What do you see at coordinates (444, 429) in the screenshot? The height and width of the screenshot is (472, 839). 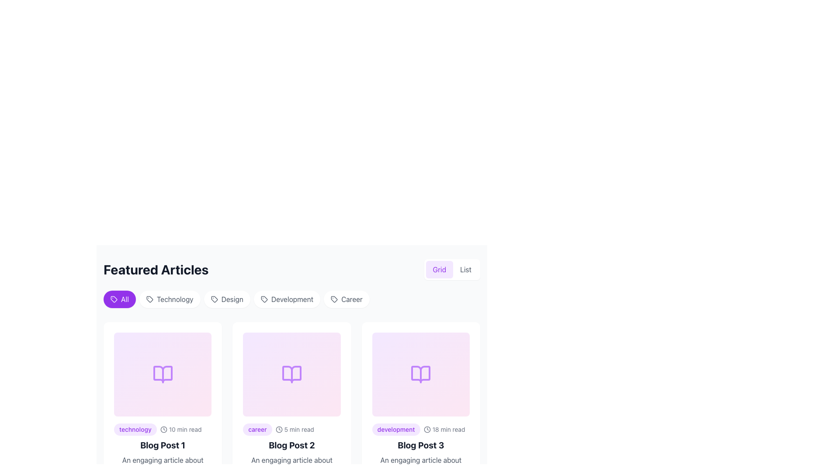 I see `the estimated reading time indicator located at the bottom of the third card in the 'Featured Articles' section, next to the 'development' tag` at bounding box center [444, 429].